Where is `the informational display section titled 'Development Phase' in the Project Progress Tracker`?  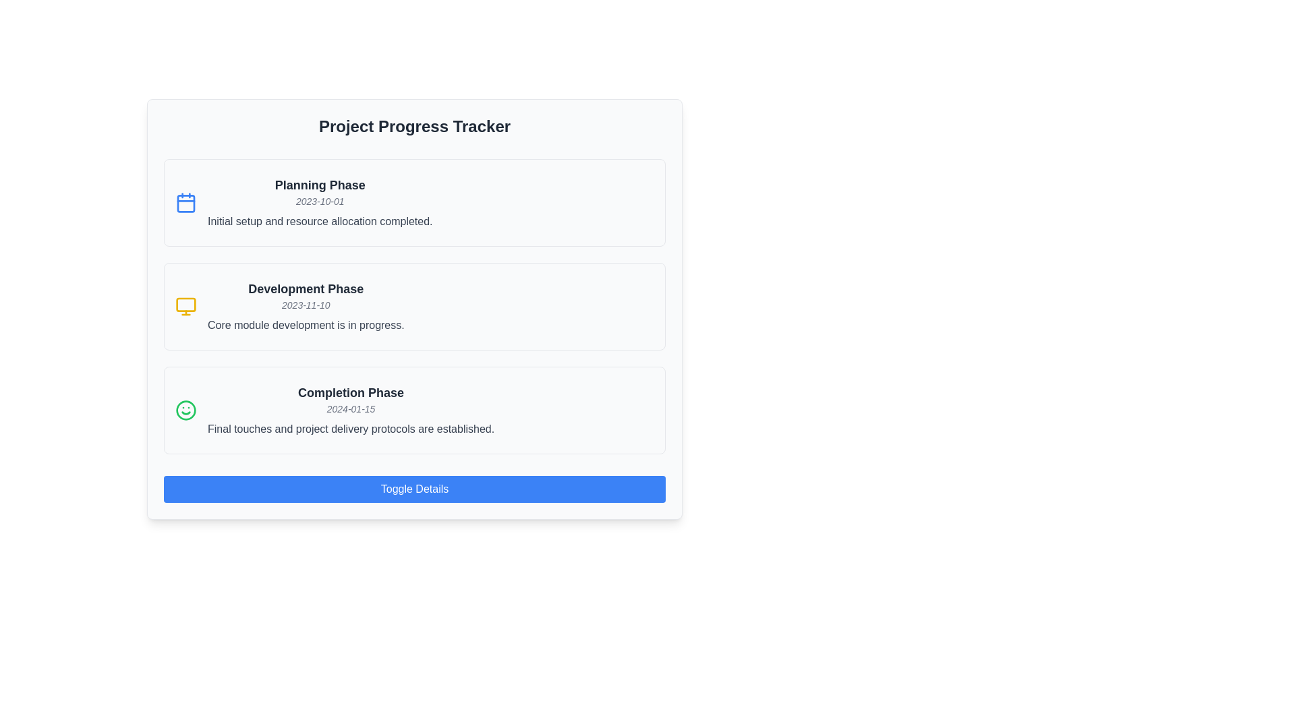 the informational display section titled 'Development Phase' in the Project Progress Tracker is located at coordinates (413, 307).